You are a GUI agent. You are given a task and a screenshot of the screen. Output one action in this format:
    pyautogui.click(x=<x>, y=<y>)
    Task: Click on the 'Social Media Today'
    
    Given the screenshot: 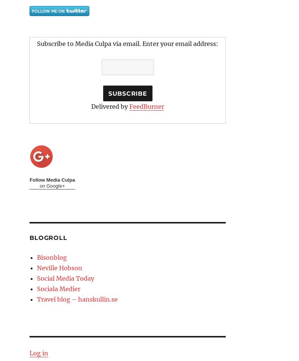 What is the action you would take?
    pyautogui.click(x=65, y=278)
    